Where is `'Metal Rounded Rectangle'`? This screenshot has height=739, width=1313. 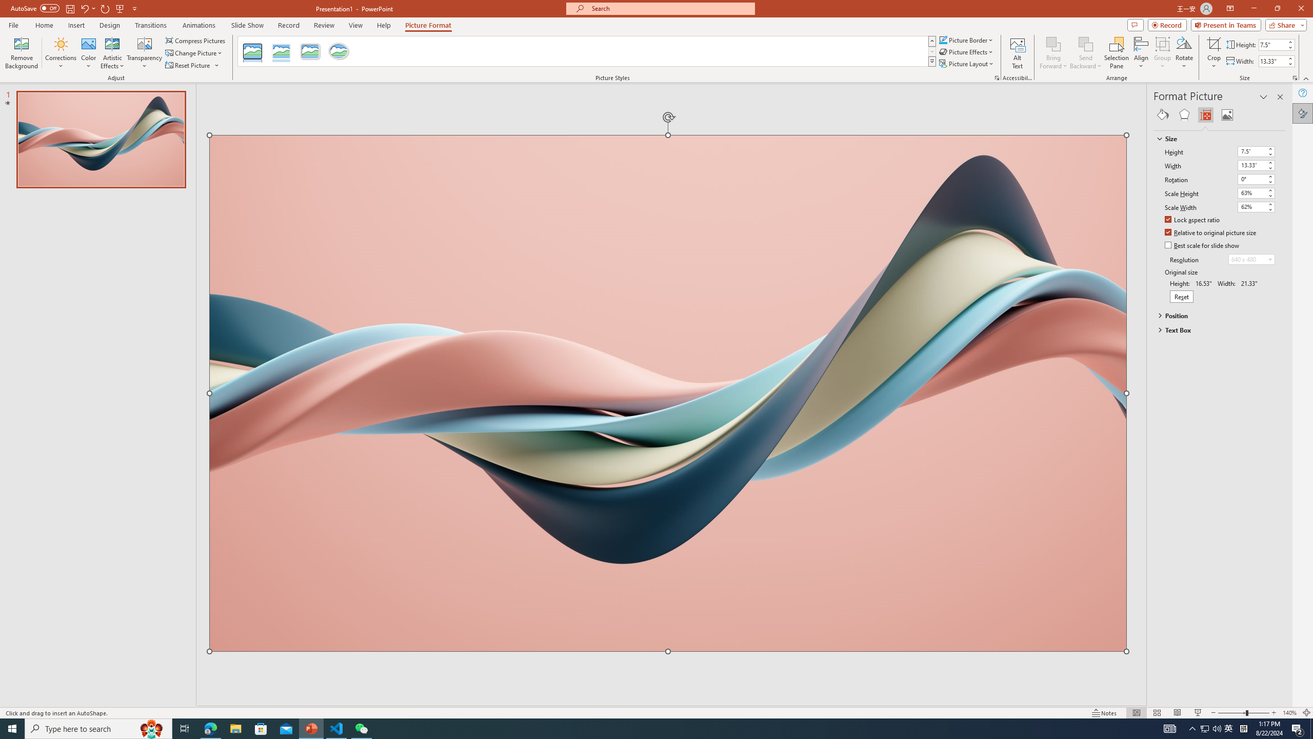 'Metal Rounded Rectangle' is located at coordinates (309, 51).